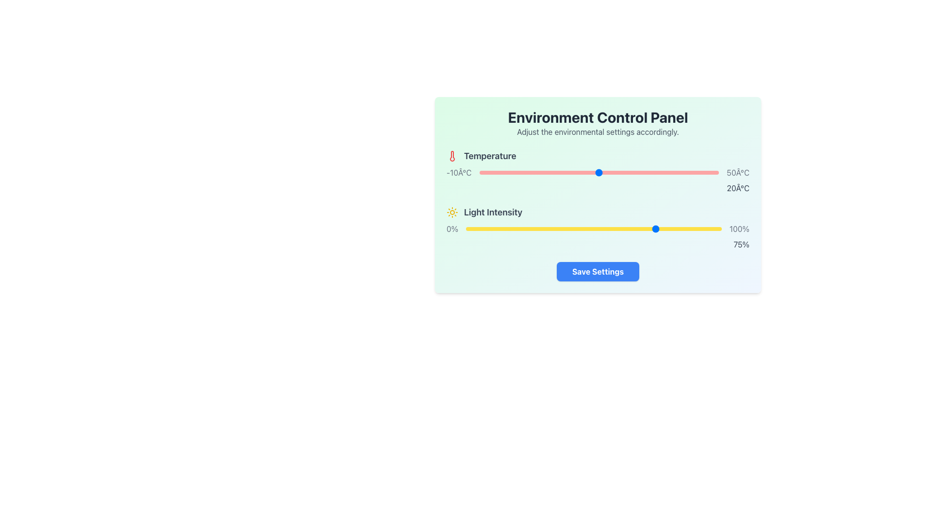 The height and width of the screenshot is (524, 932). Describe the element at coordinates (639, 172) in the screenshot. I see `the temperature slider` at that location.